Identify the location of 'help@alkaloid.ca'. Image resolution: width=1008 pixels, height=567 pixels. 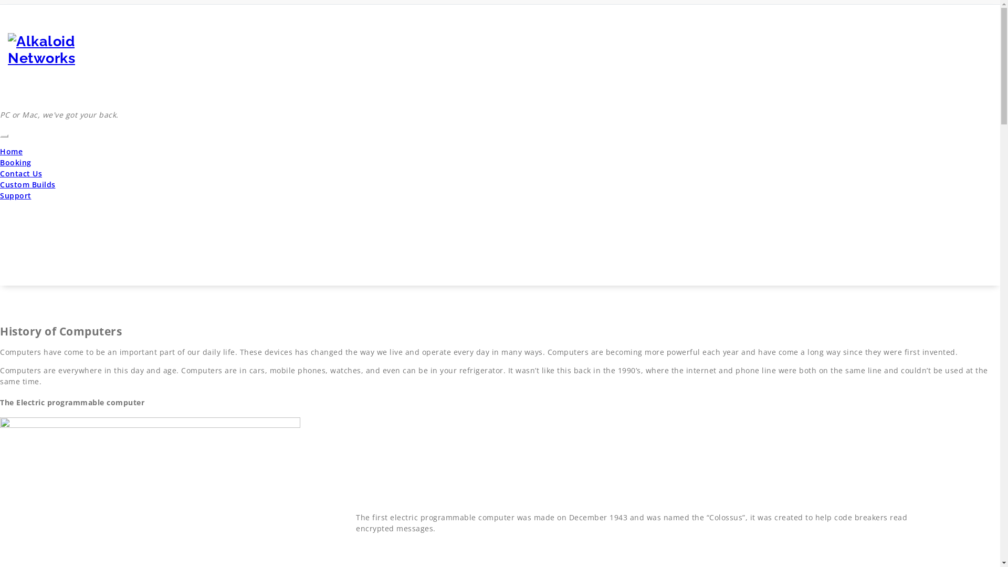
(897, 10).